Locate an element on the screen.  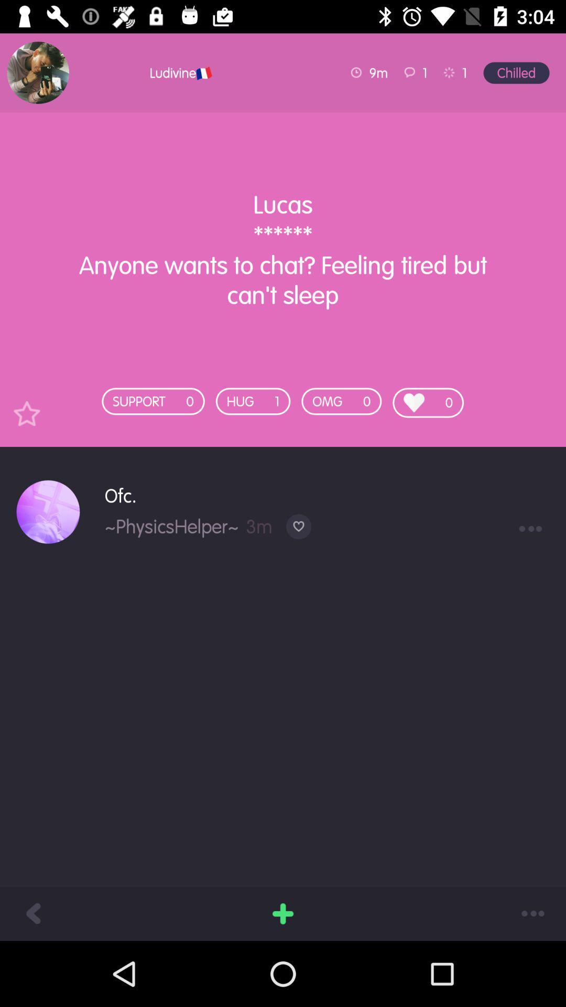
item to the left of ofc. item is located at coordinates (48, 512).